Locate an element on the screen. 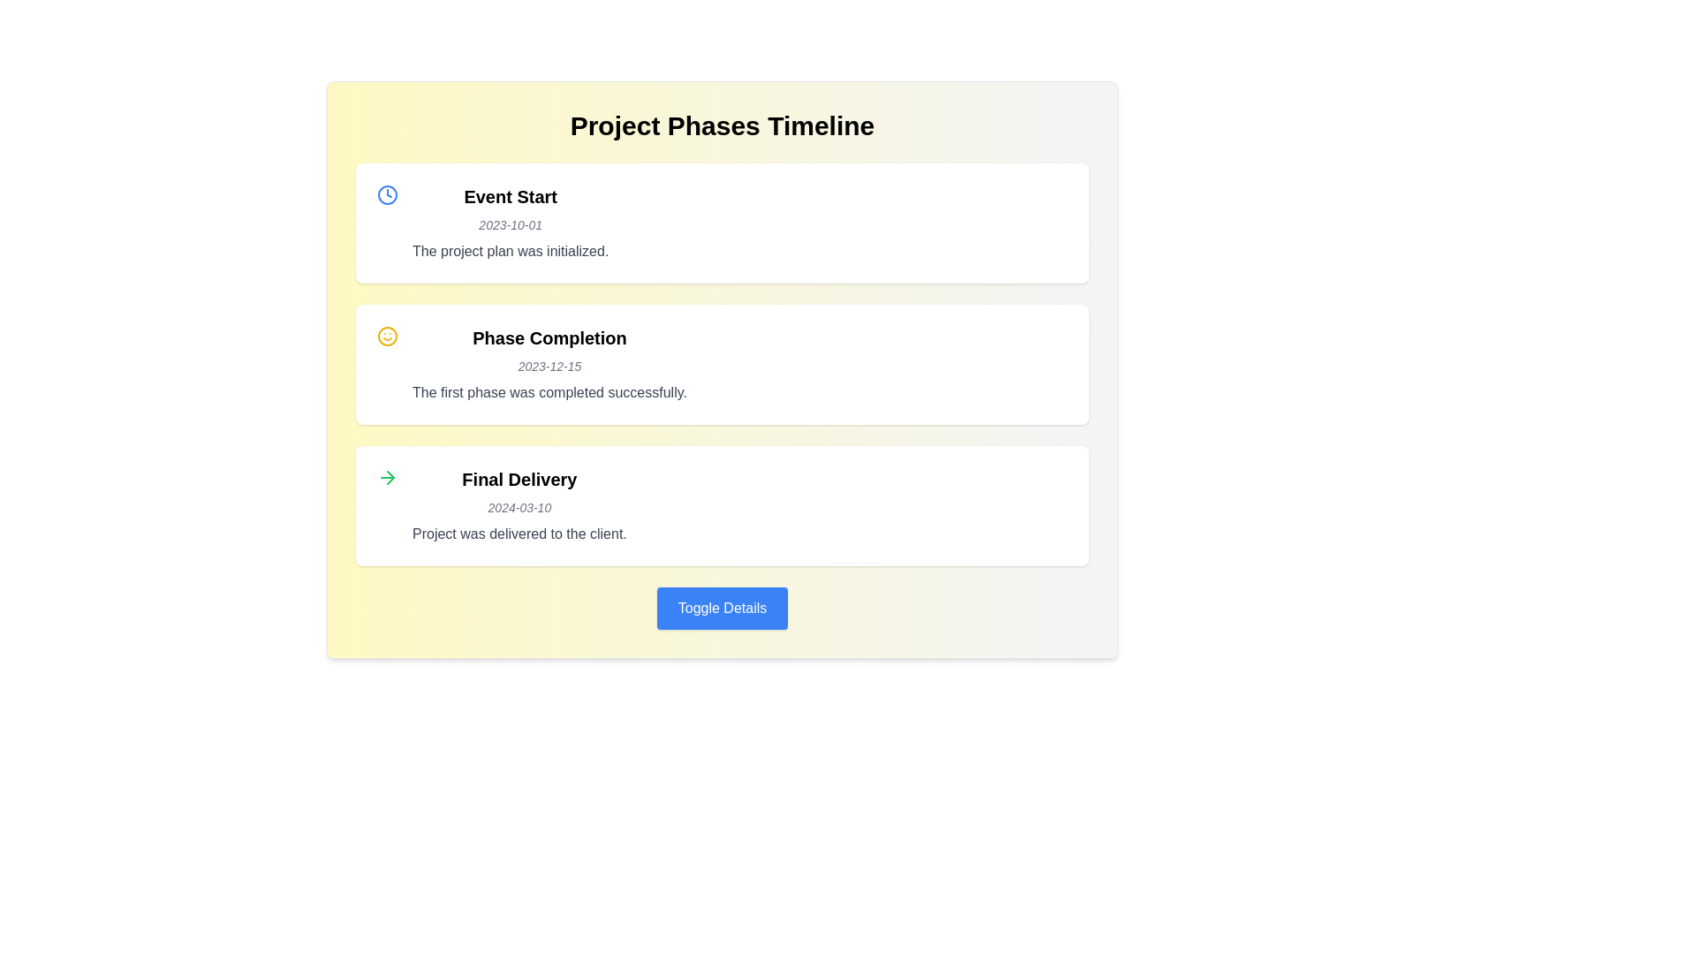 The image size is (1696, 954). text header indicating the start of the first event in the timeline, located at the top of the first box in a vertical sequence of three timeline cards is located at coordinates (510, 197).